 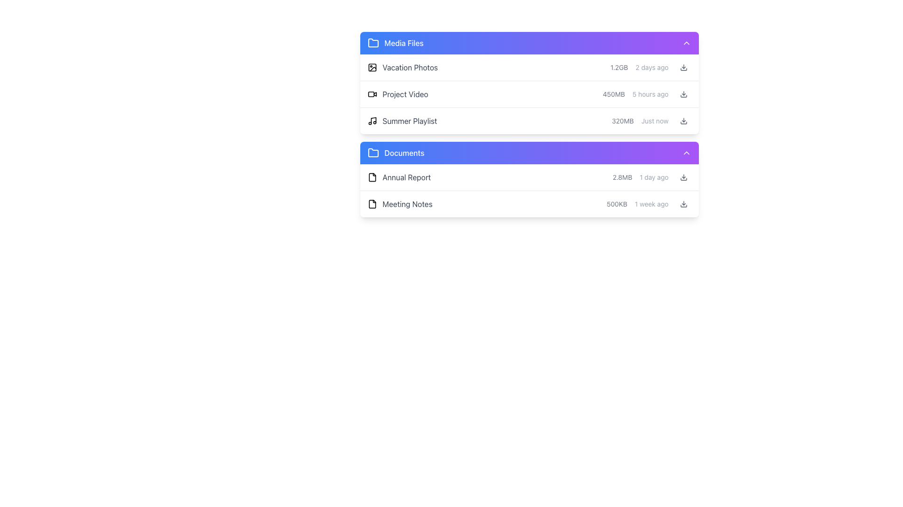 I want to click on label 'Annual Report' which is styled in gray font and located next to the document icon in the 'Documents' section, so click(x=399, y=177).